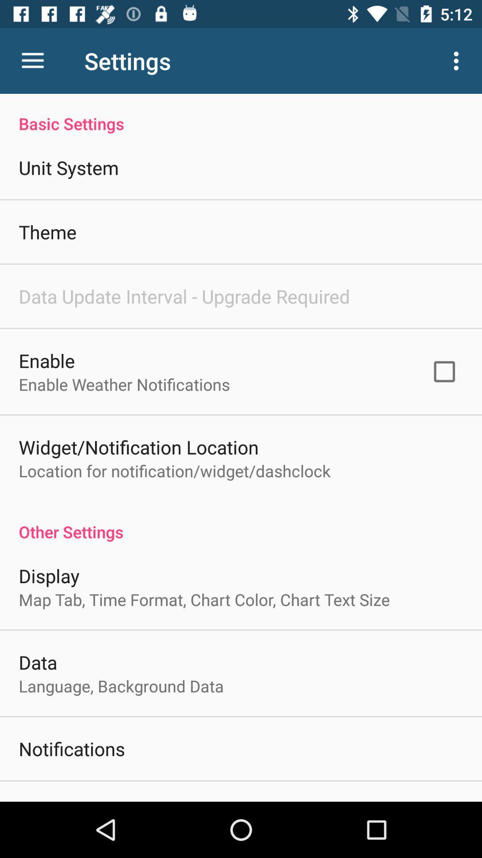  Describe the element at coordinates (241, 522) in the screenshot. I see `item above the display` at that location.